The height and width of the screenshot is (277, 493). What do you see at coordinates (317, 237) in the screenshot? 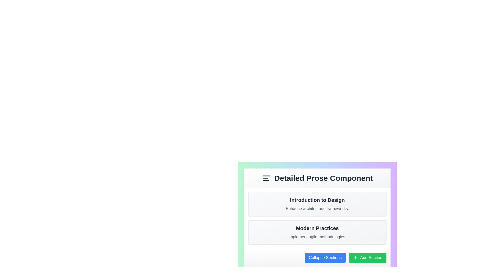
I see `the Text Label that displays 'Implement agile methodologies.' positioned below the 'Modern Practices' header` at bounding box center [317, 237].